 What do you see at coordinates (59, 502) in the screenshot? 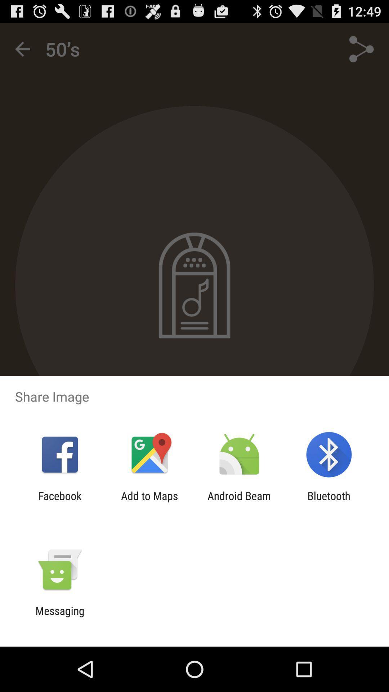
I see `the app to the left of the add to maps icon` at bounding box center [59, 502].